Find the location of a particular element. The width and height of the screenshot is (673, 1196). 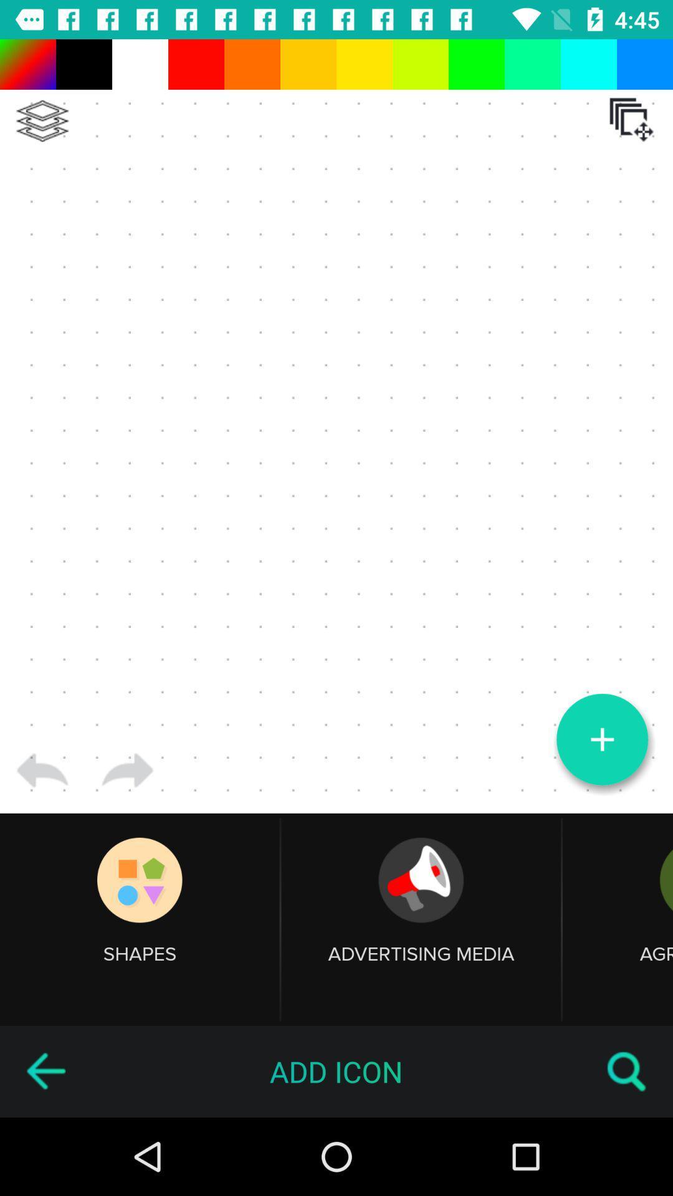

item next to the add icon icon is located at coordinates (45, 1071).